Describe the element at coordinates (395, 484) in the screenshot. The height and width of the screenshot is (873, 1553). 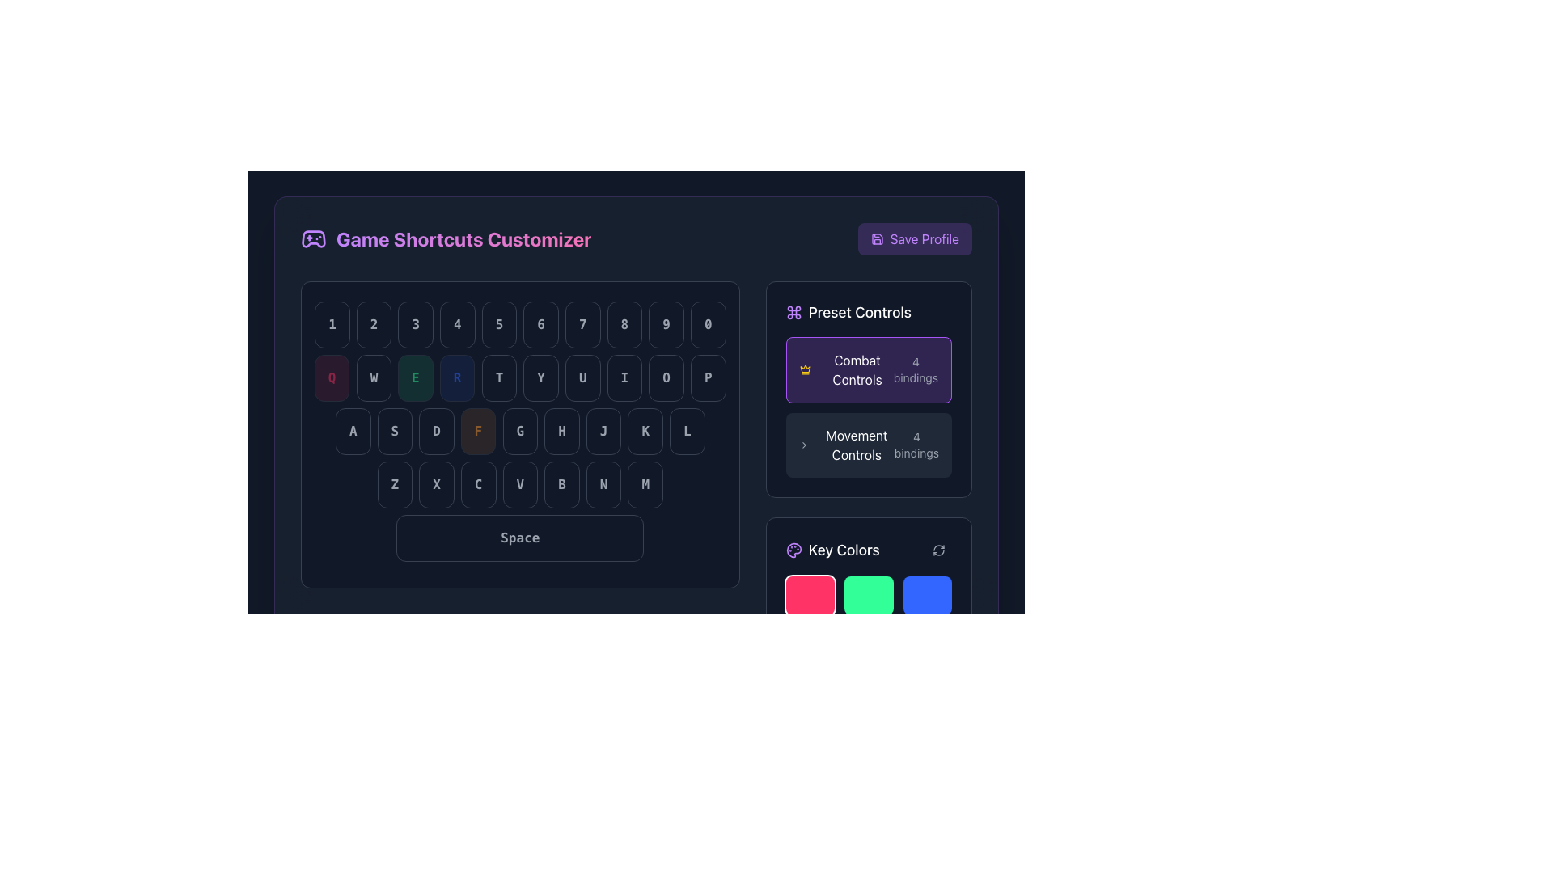
I see `the rounded rectangular button with a dark gray background and light gray text labeled 'Z', which is the first button in the row of 'ZXCVBNM' keys on the virtual keyboard interface` at that location.